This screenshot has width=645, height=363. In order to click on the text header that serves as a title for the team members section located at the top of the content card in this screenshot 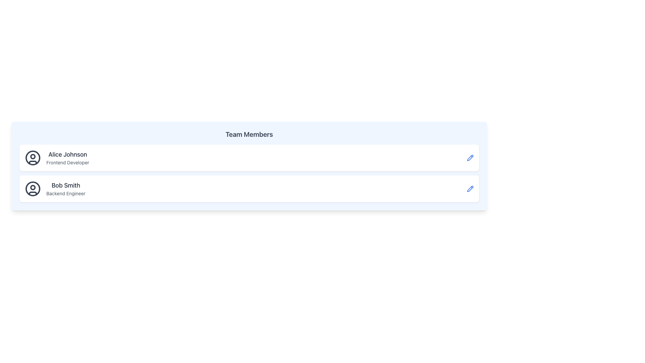, I will do `click(249, 134)`.